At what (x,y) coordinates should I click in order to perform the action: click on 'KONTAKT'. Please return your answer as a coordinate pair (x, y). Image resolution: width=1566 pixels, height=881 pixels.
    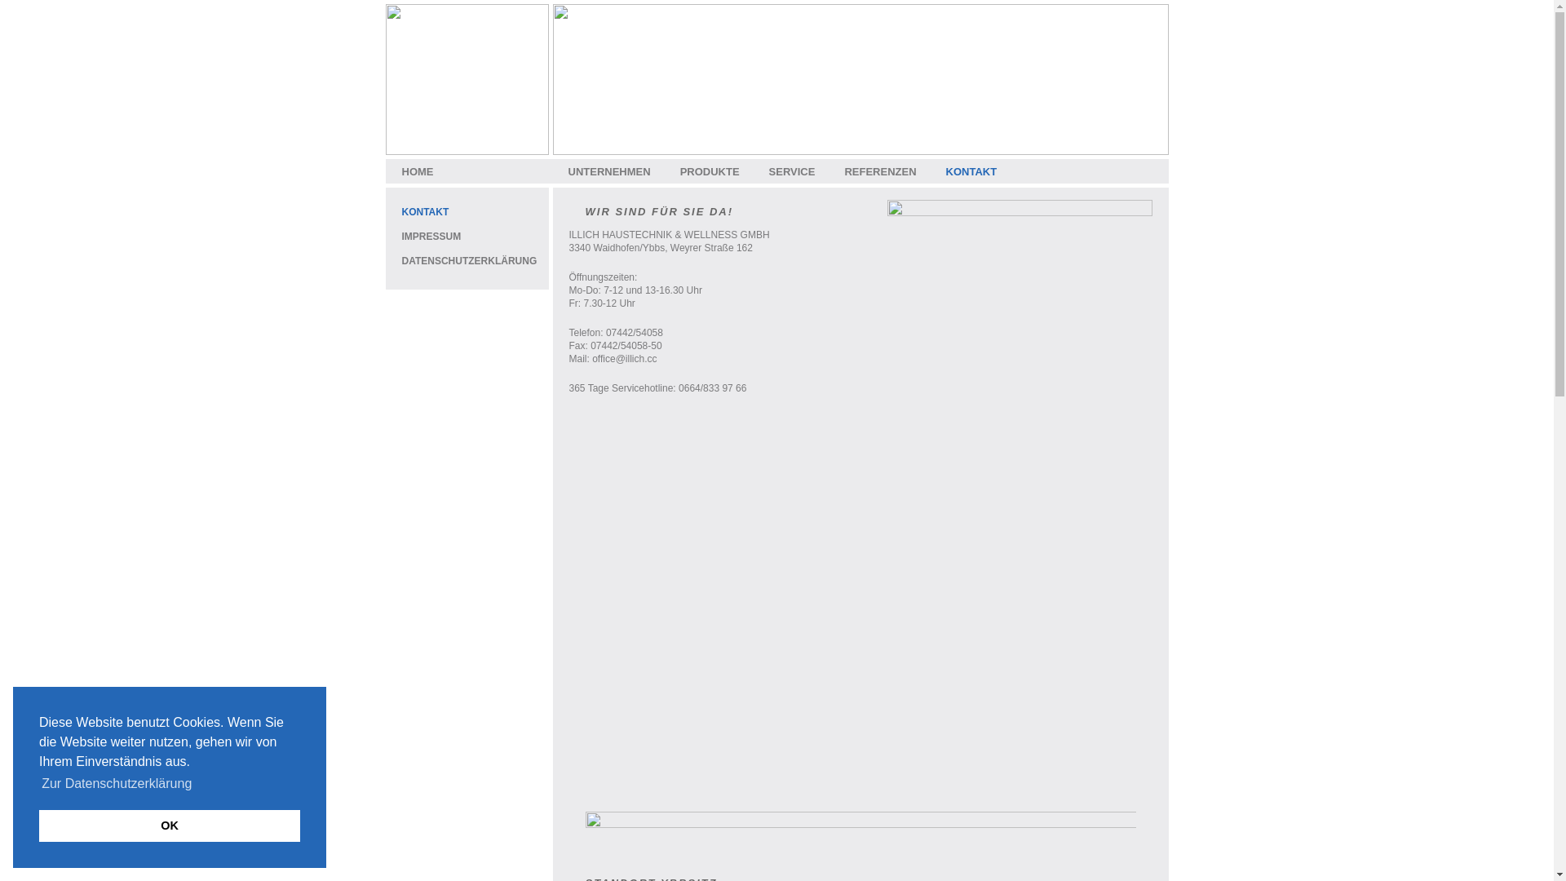
    Looking at the image, I should click on (425, 210).